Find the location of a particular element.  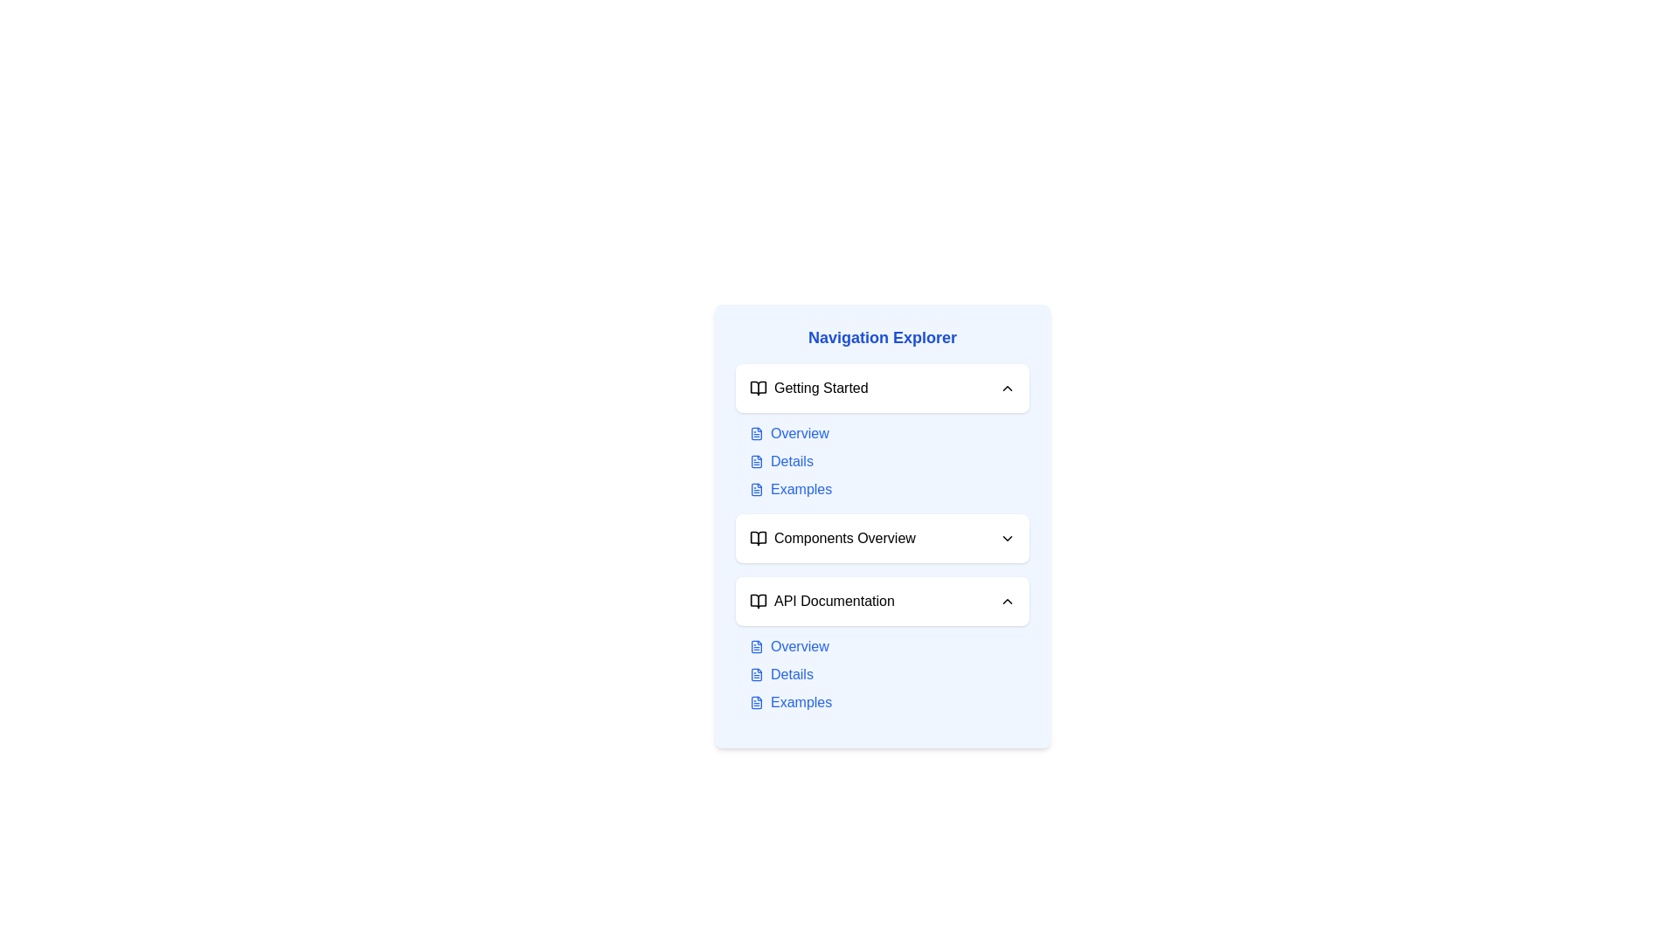

the SVG icon representing a document or file link located at the top-left section of the vertical navigation menu is located at coordinates (756, 702).